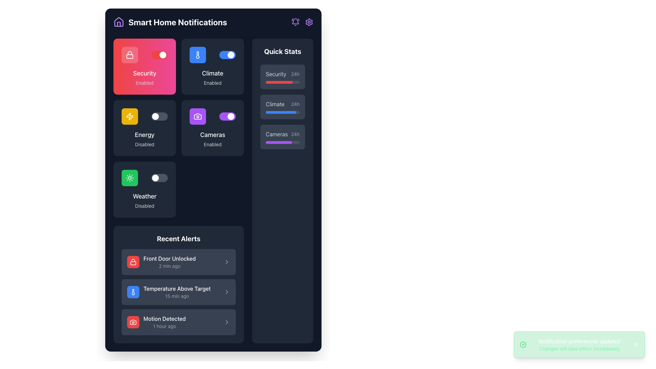 This screenshot has width=656, height=369. Describe the element at coordinates (283, 142) in the screenshot. I see `the compact horizontal progress bar with a light gray background and a purple filled segment located in the 'Quick Stats' section, below the 'Cameras 24h' label` at that location.